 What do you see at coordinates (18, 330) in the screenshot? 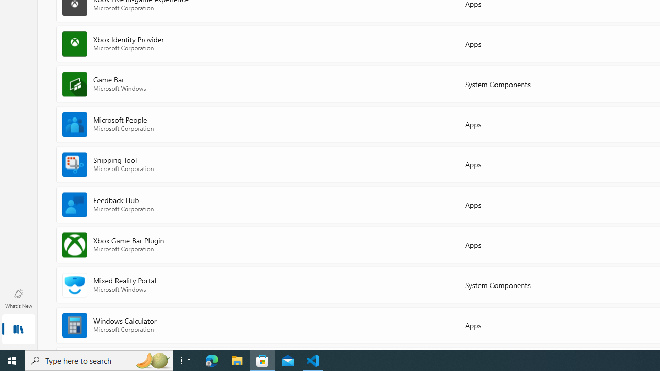
I see `'Library'` at bounding box center [18, 330].